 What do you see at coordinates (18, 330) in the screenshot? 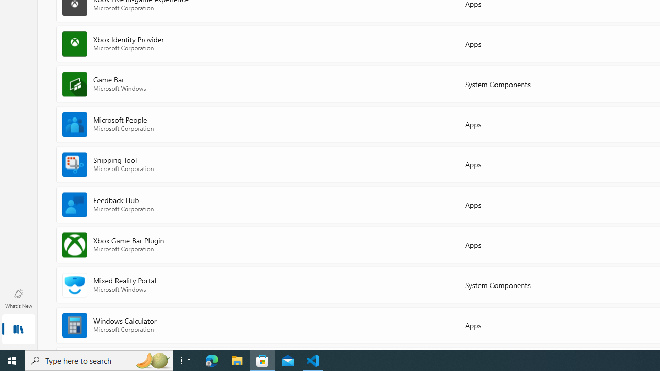
I see `'Library'` at bounding box center [18, 330].